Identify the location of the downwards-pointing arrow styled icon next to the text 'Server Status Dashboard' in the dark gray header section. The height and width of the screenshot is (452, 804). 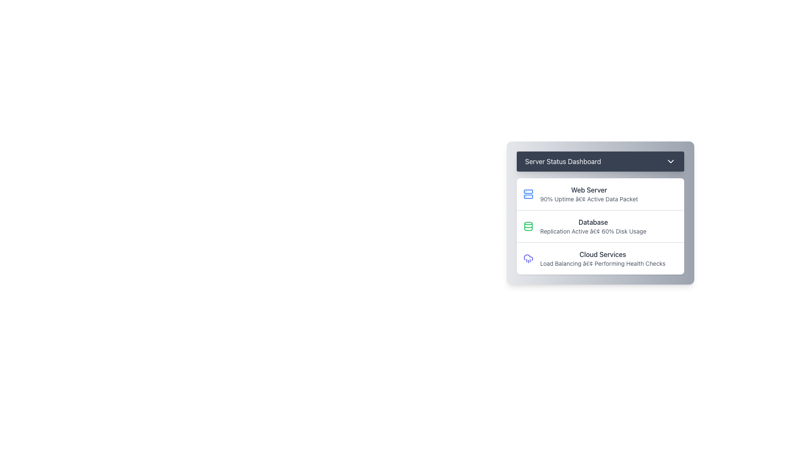
(671, 161).